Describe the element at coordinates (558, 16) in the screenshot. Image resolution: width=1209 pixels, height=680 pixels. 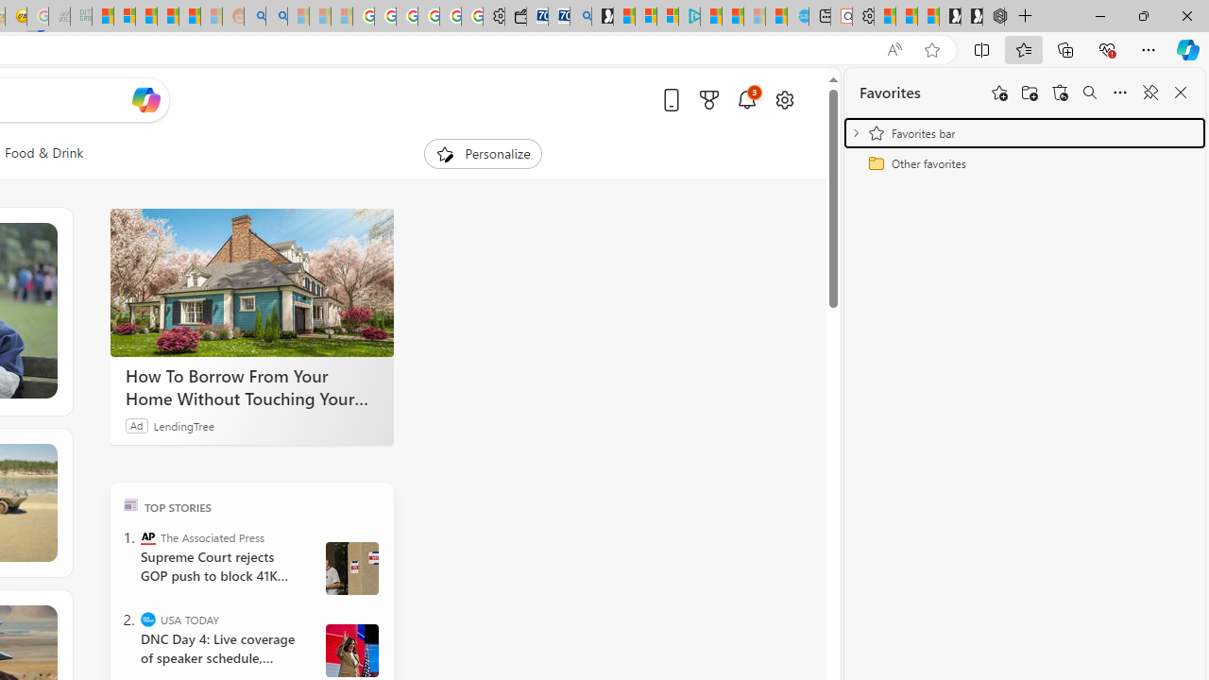
I see `'Cheap Car Rentals - Save70.com'` at that location.